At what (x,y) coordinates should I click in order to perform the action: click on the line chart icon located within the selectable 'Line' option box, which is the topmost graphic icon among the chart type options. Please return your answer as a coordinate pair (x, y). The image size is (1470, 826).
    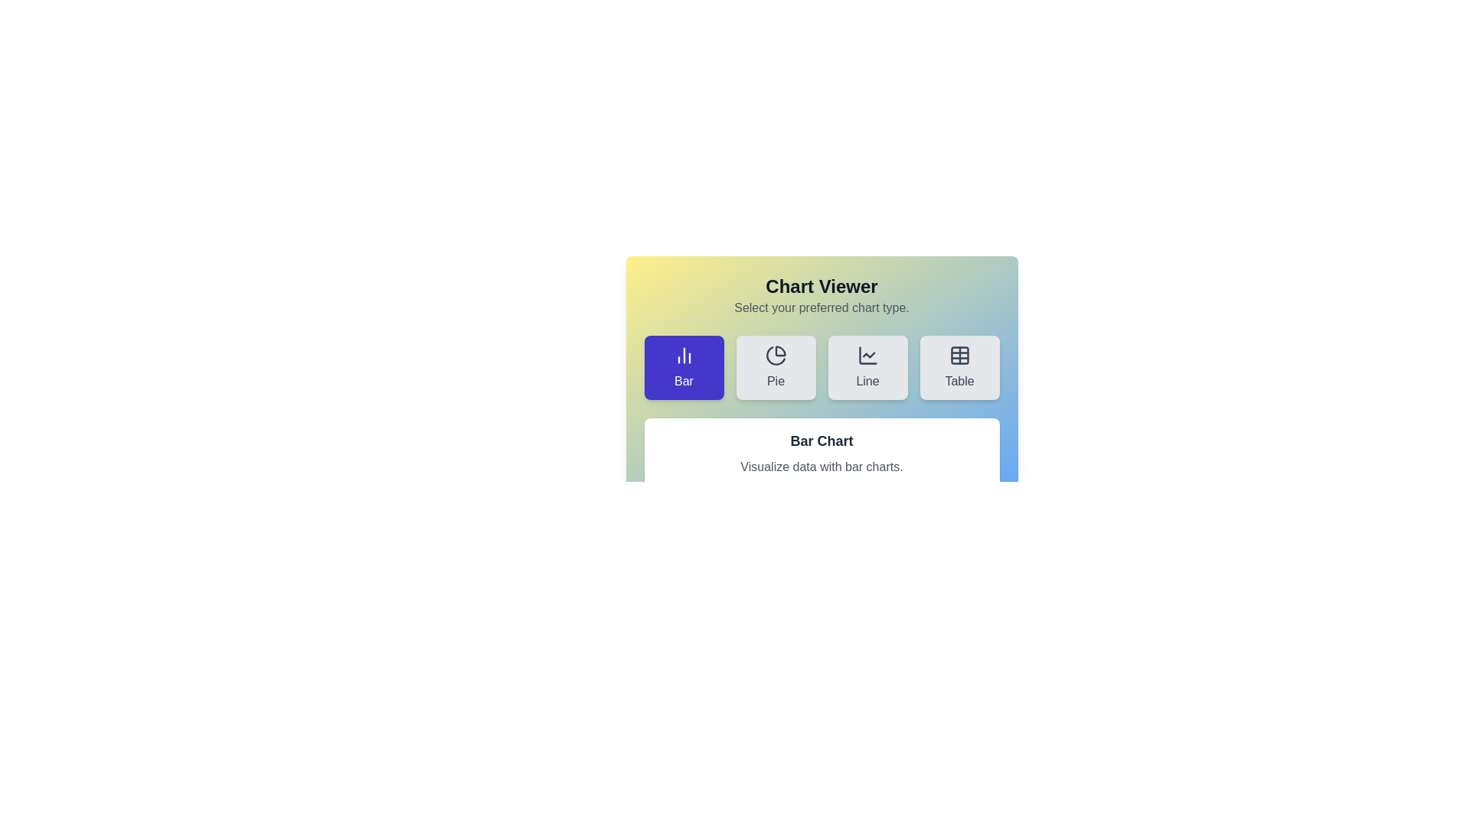
    Looking at the image, I should click on (867, 356).